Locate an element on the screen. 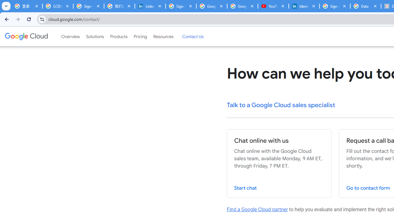 This screenshot has height=221, width=394. 'Identity verification via Persona | LinkedIn Help' is located at coordinates (304, 6).